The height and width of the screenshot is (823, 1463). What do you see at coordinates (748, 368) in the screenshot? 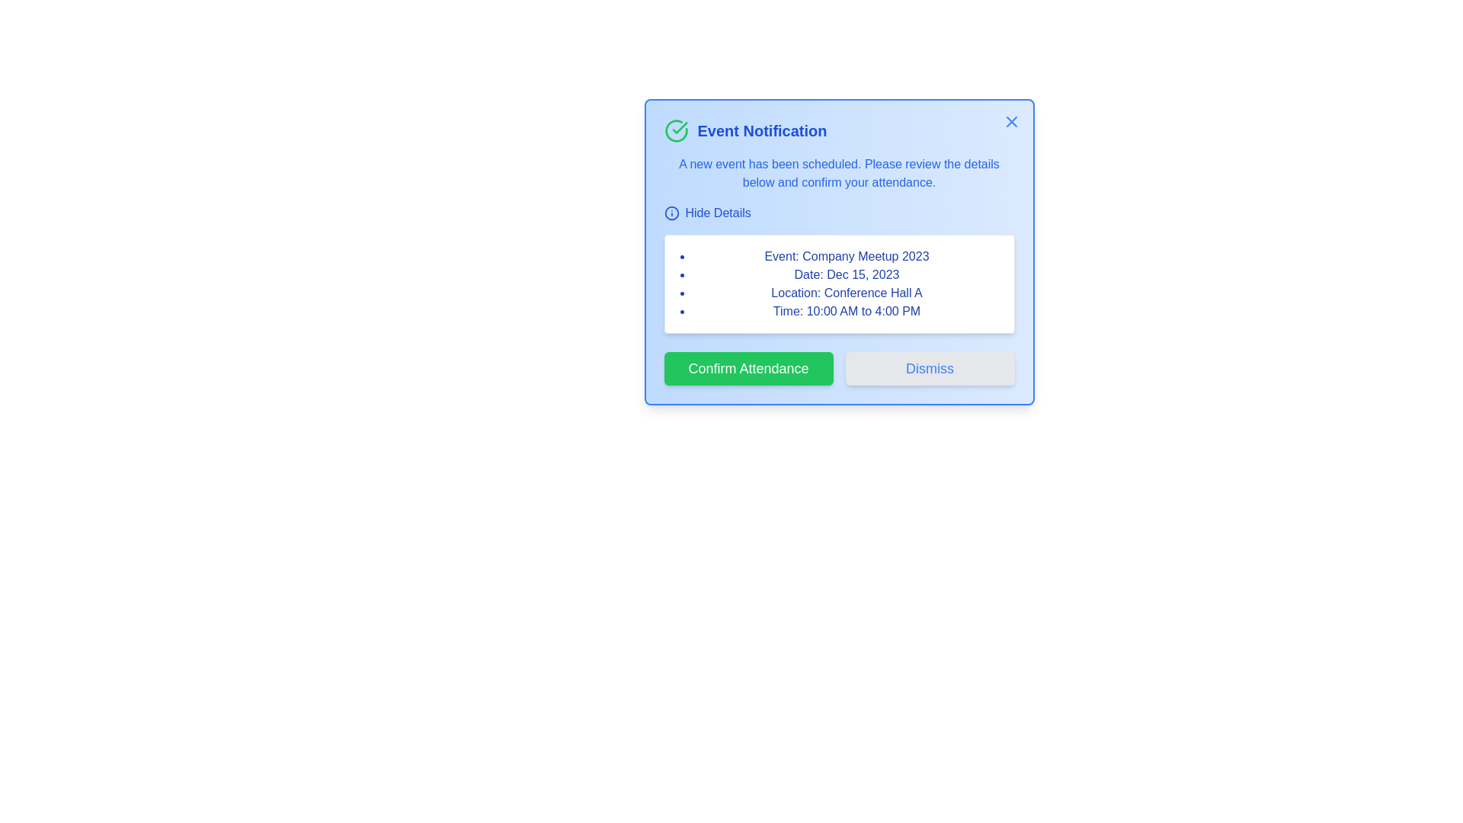
I see `the 'Confirm Attendance' button` at bounding box center [748, 368].